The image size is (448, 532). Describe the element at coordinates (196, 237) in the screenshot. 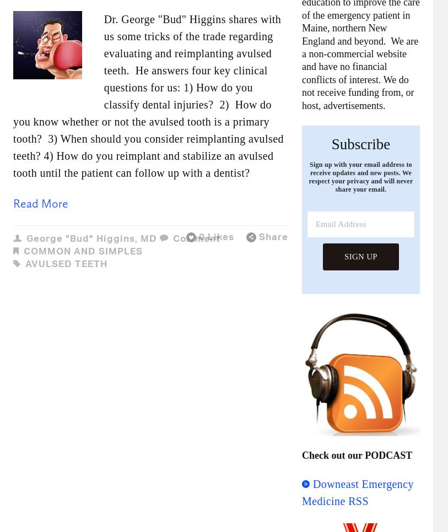

I see `'Comment'` at that location.